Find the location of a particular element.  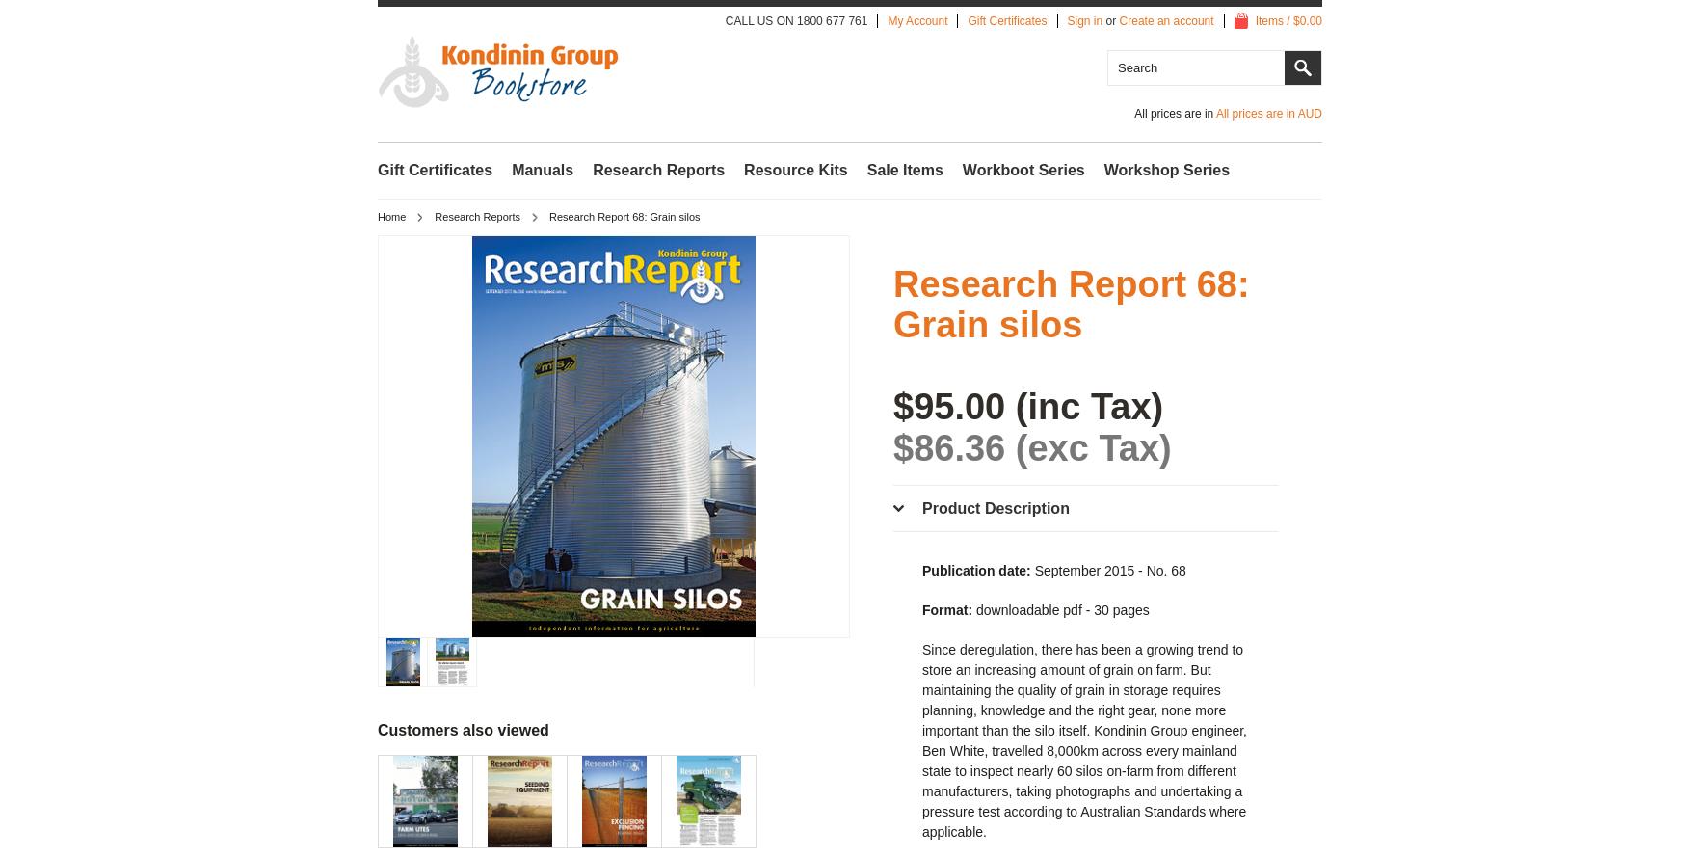

'AUD' is located at coordinates (1296, 112).